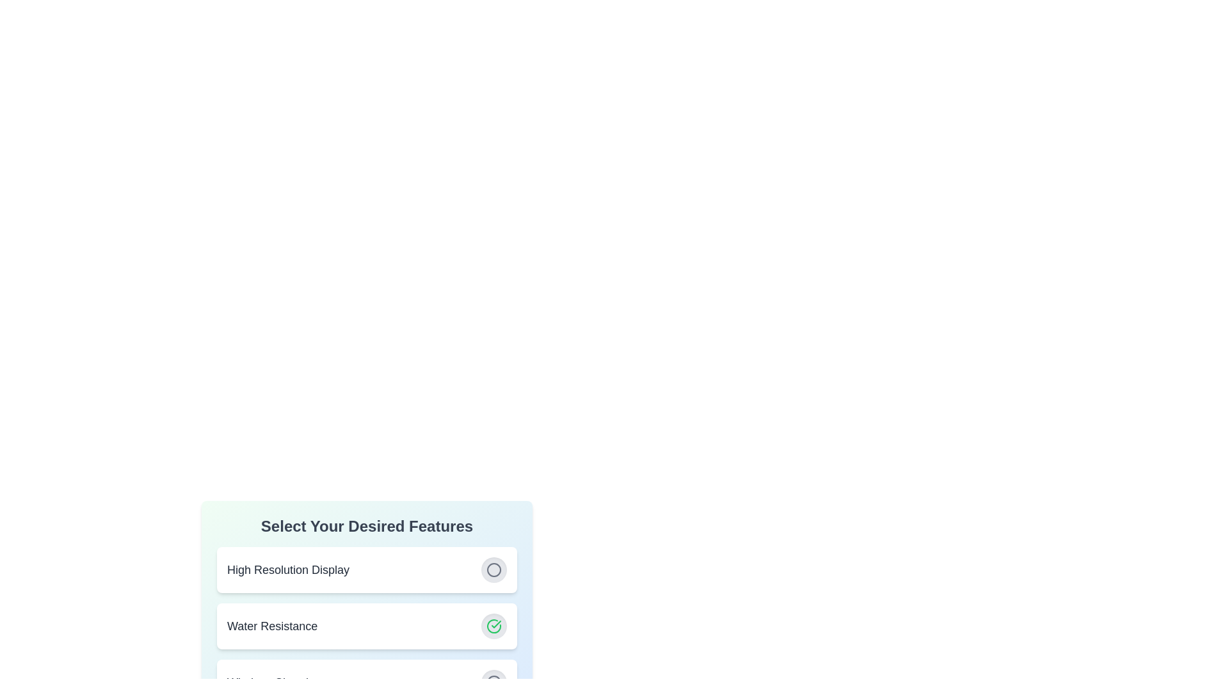 The height and width of the screenshot is (691, 1229). I want to click on the checkmark of the 'Water Resistance' selectable feature option, so click(366, 626).